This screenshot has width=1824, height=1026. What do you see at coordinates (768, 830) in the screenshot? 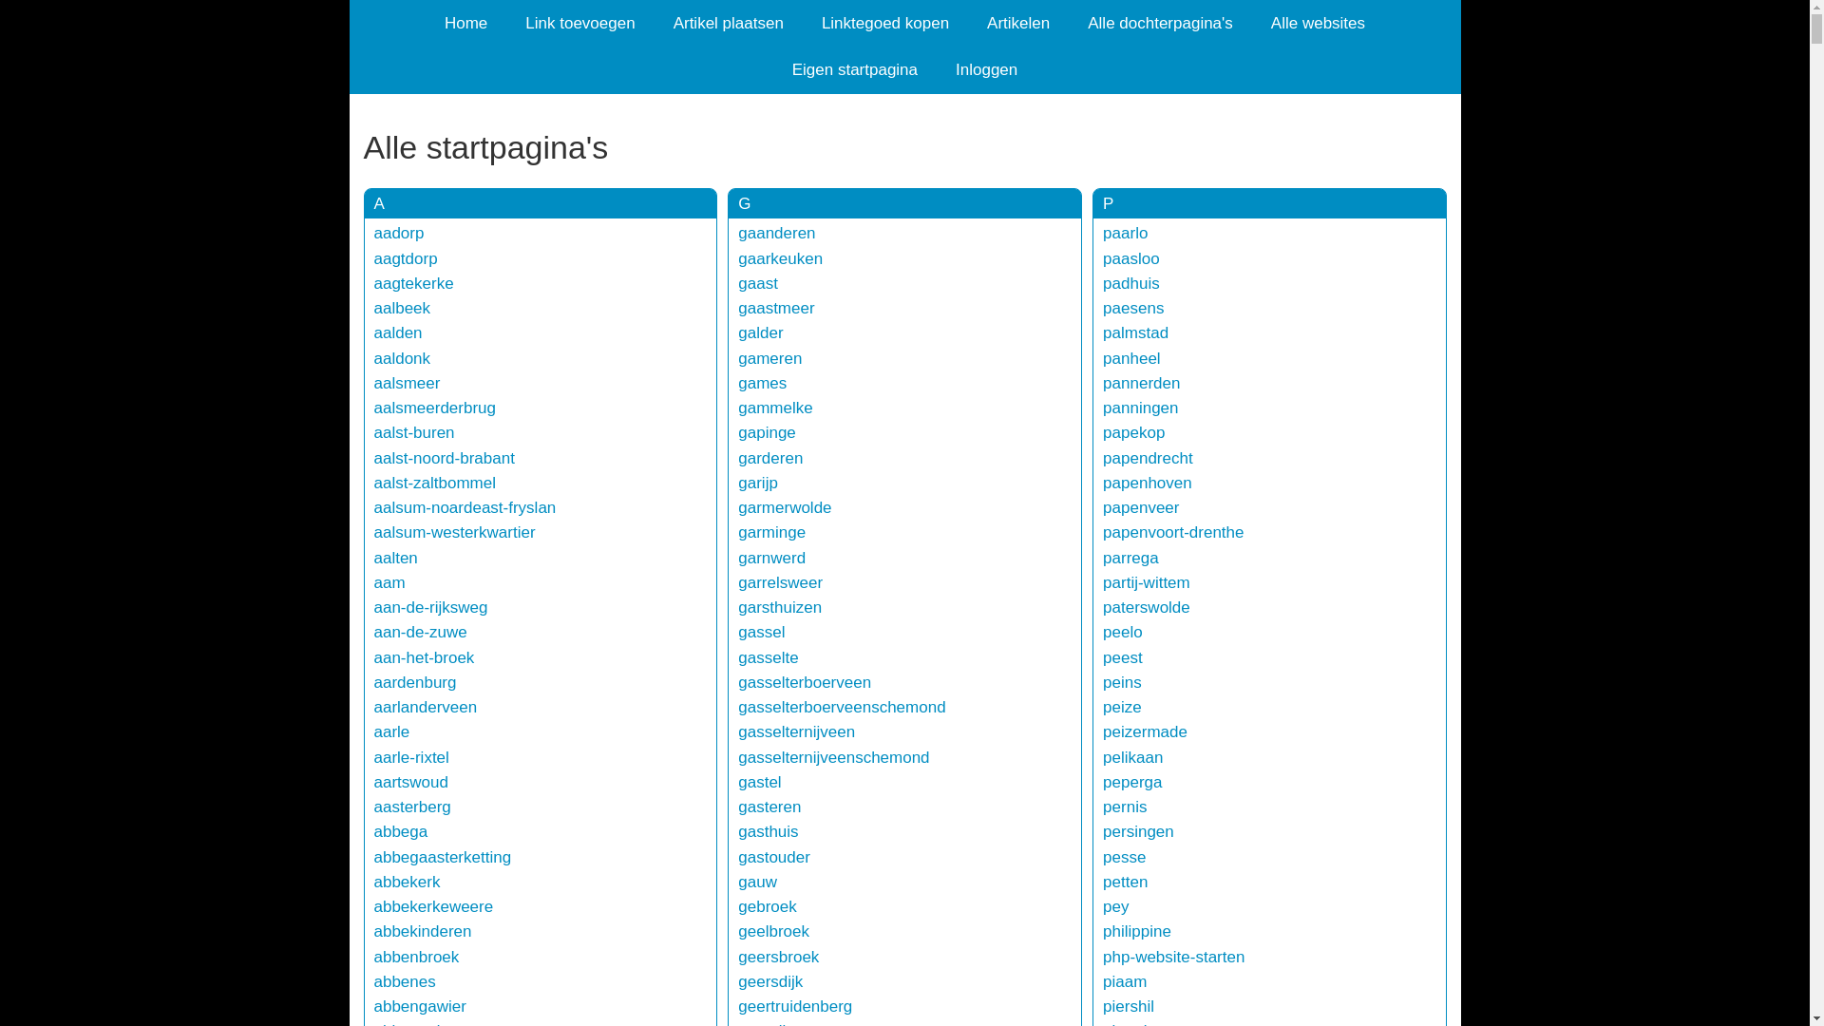
I see `'gasthuis'` at bounding box center [768, 830].